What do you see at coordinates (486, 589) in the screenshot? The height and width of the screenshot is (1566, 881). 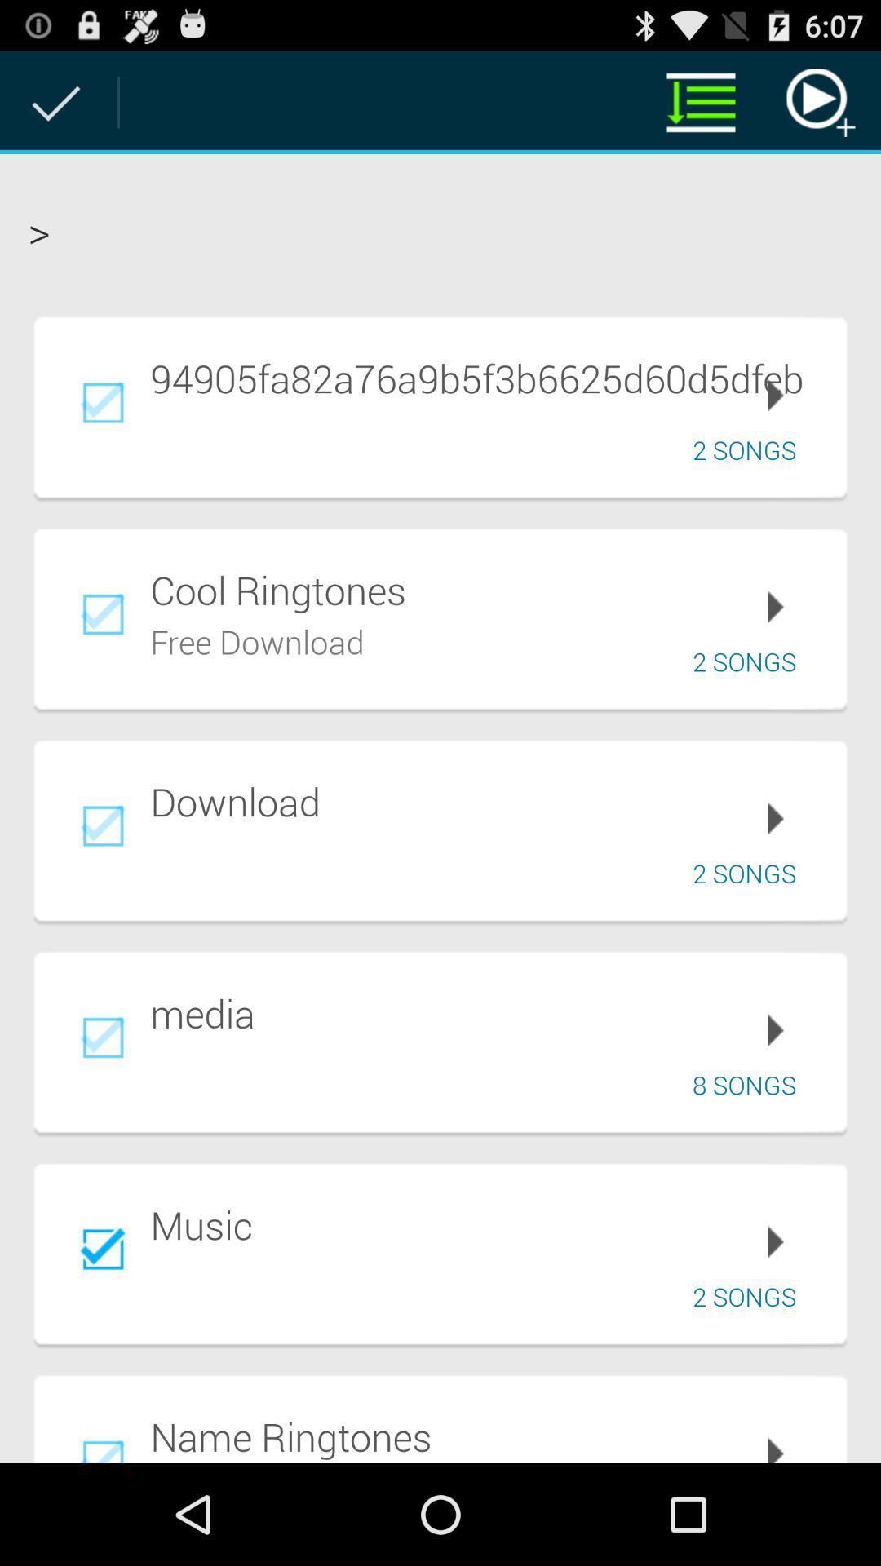 I see `cool ringtones` at bounding box center [486, 589].